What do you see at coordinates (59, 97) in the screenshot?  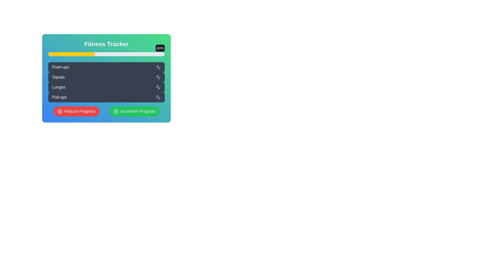 I see `to select or interact with the 'Pull-ups' entry, which is the fourth item in a vertically stacked list of exercises styled in white on a dark blue background` at bounding box center [59, 97].